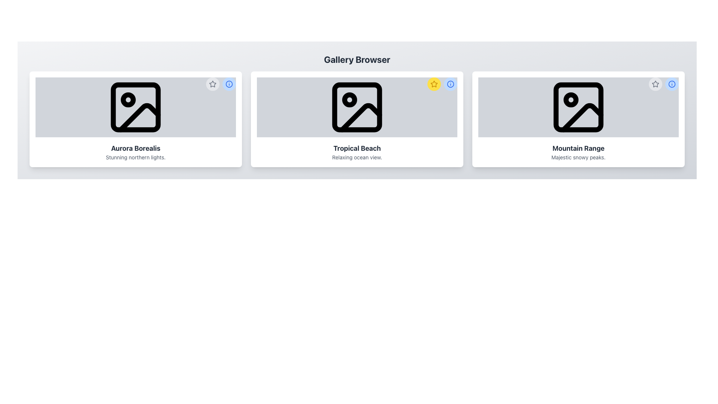 This screenshot has height=404, width=718. Describe the element at coordinates (578, 152) in the screenshot. I see `text content from the Text Block that contains the primary text 'Mountain Range' and the secondary text 'Majestic snowy peaks.' located at the bottom section of the rightmost card` at that location.